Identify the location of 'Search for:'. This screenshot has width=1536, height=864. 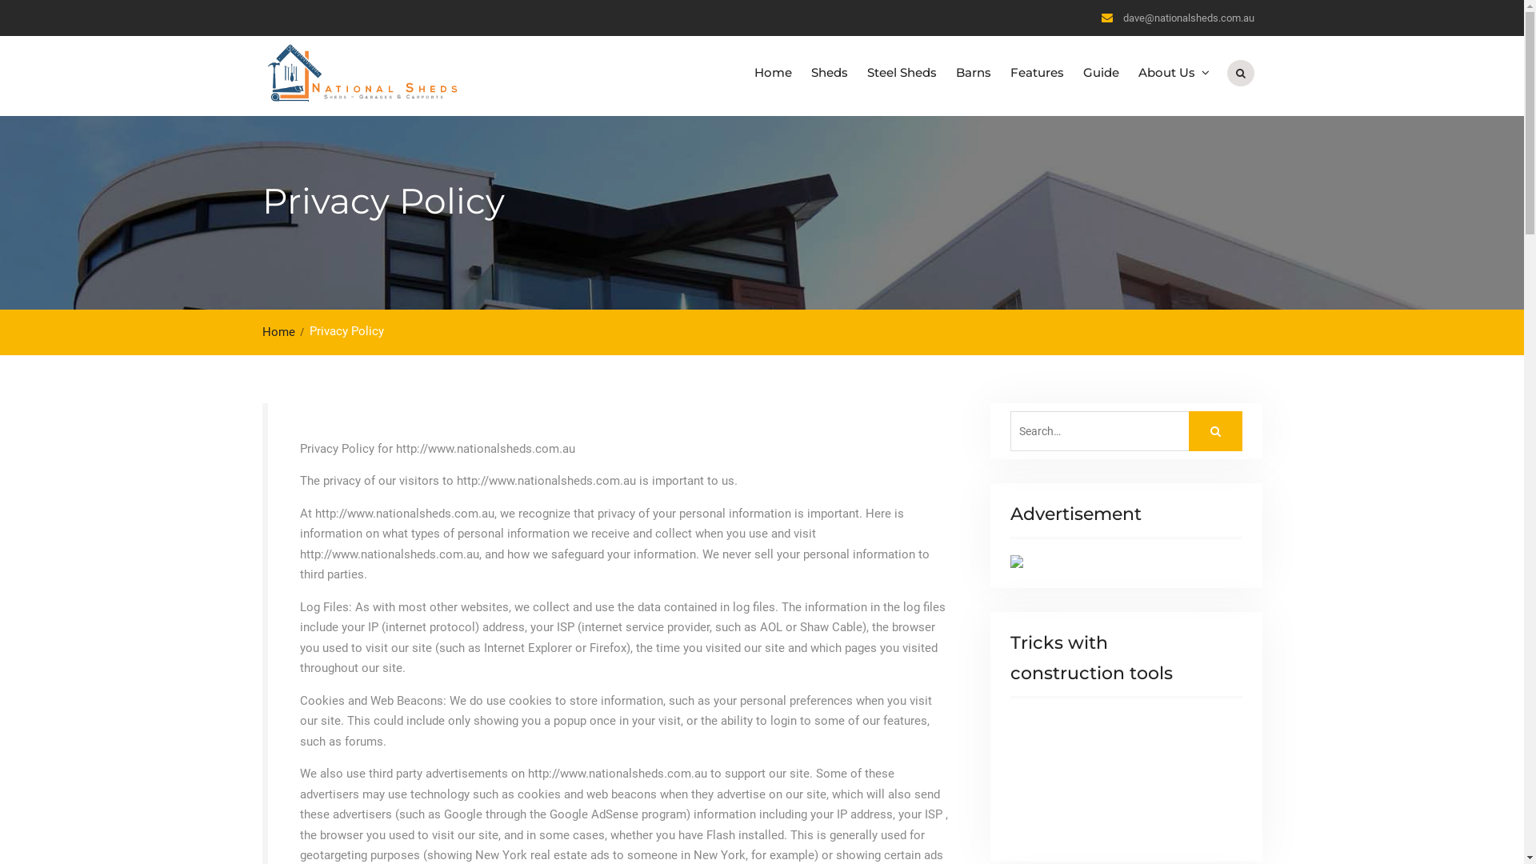
(1124, 430).